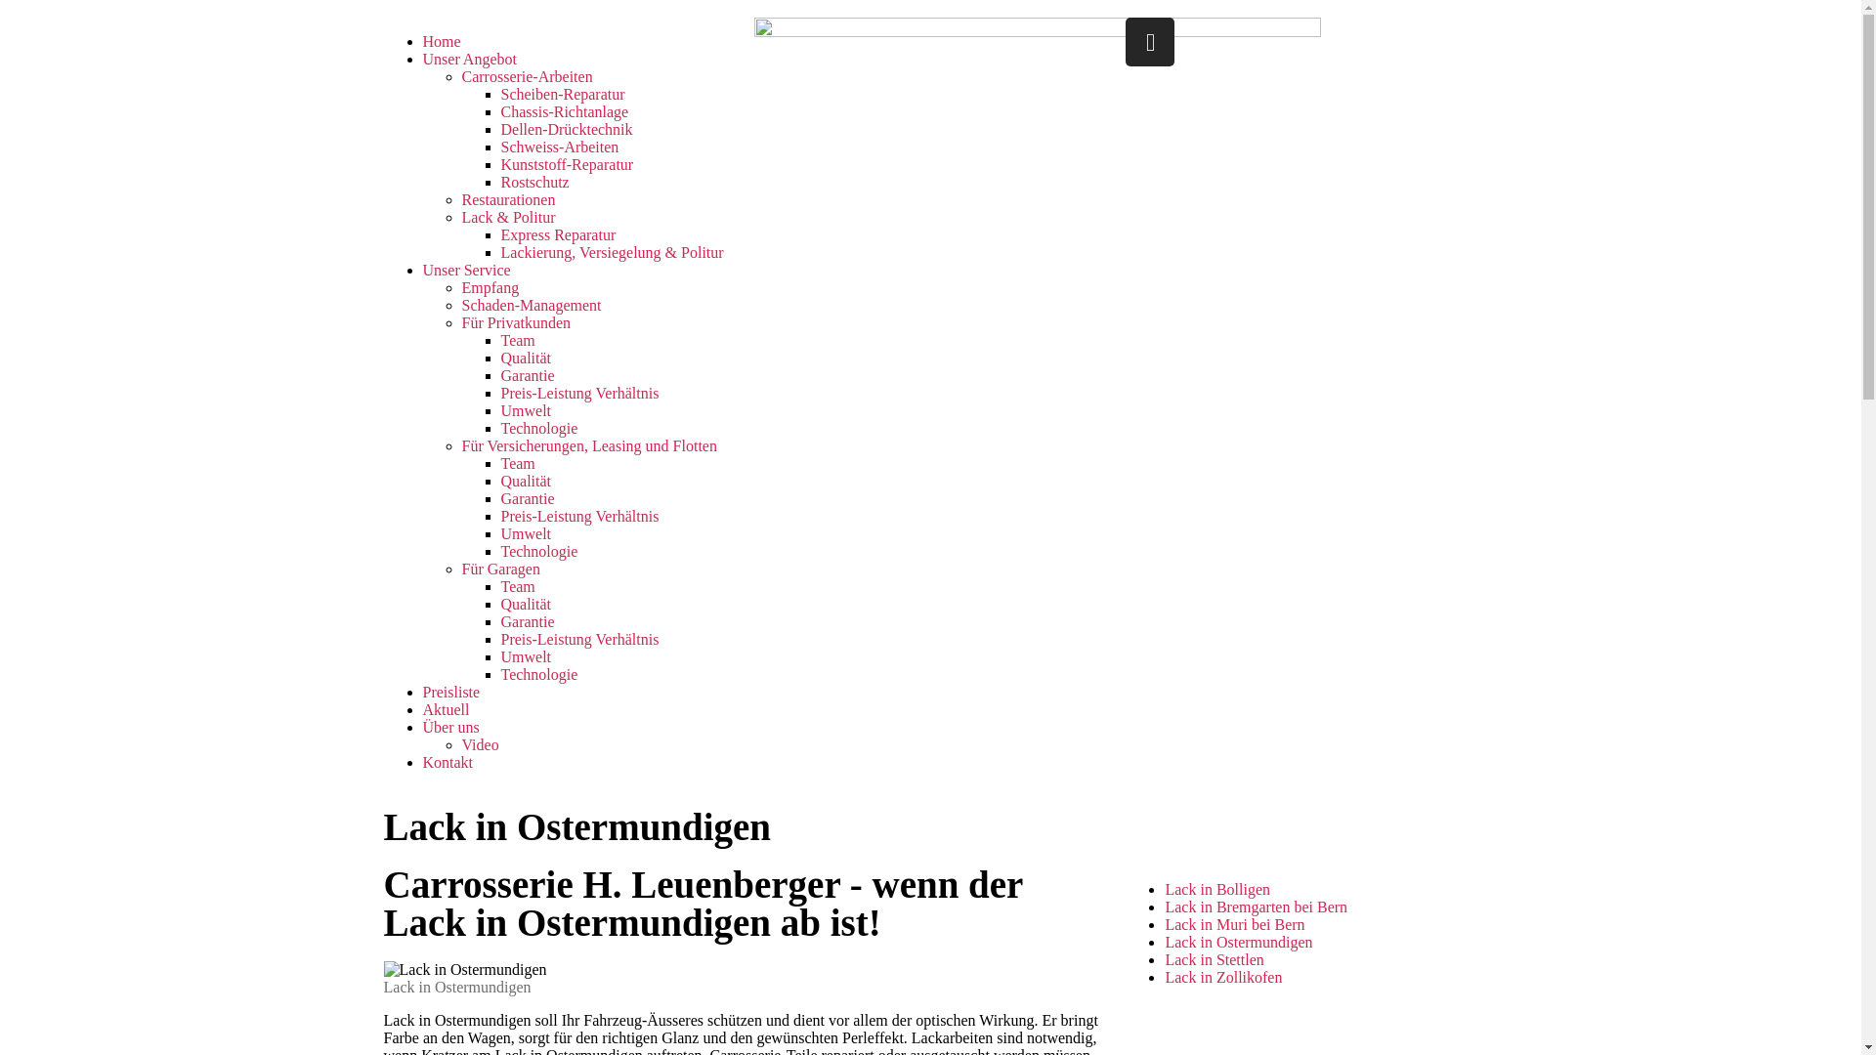  Describe the element at coordinates (500, 182) in the screenshot. I see `'Rostschutz'` at that location.